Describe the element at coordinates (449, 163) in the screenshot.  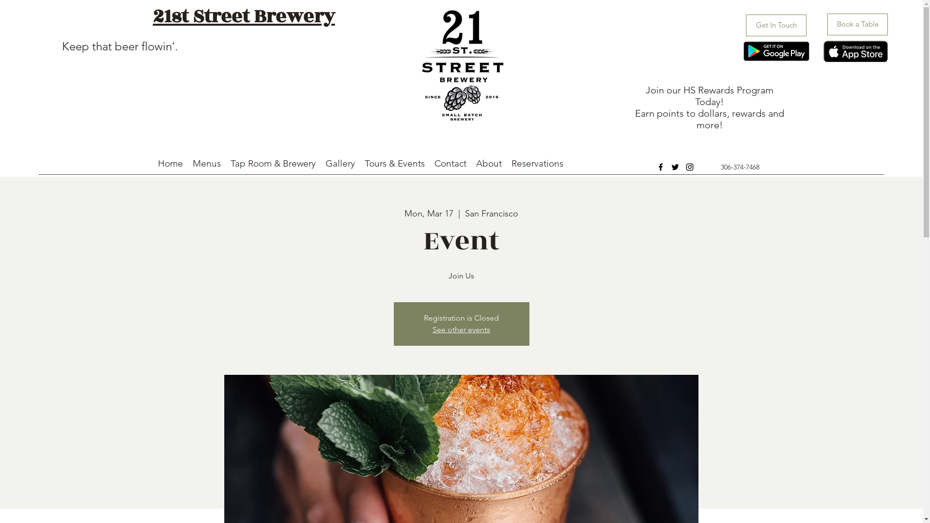
I see `'Contact'` at that location.